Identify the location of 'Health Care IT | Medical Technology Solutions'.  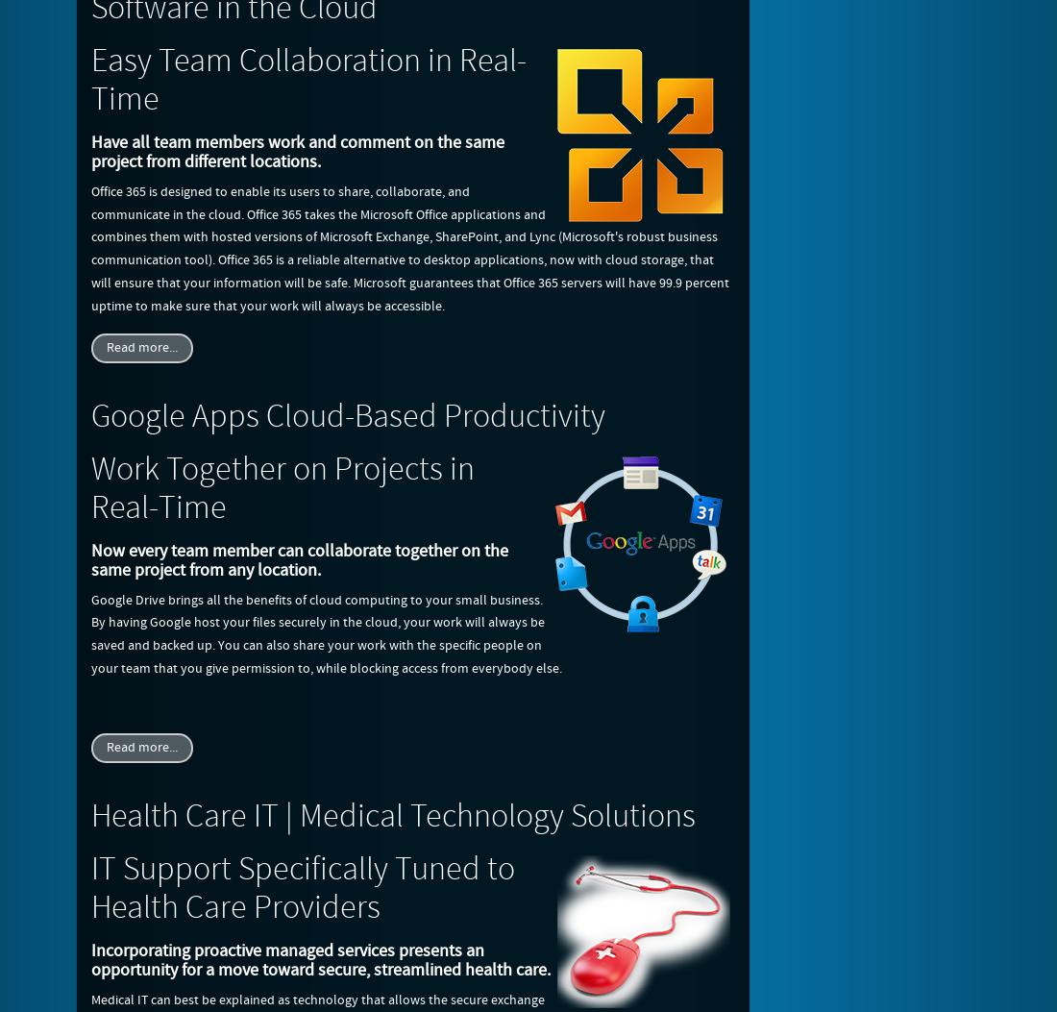
(393, 815).